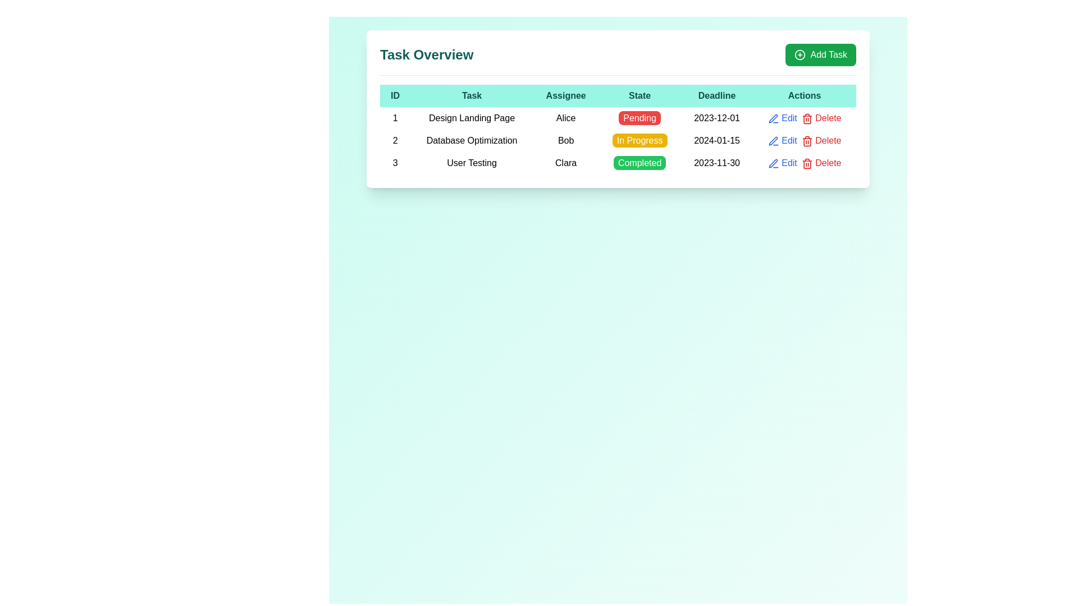  What do you see at coordinates (806, 140) in the screenshot?
I see `the red trash bin icon button located in the 'Actions' column of the second row of the table` at bounding box center [806, 140].